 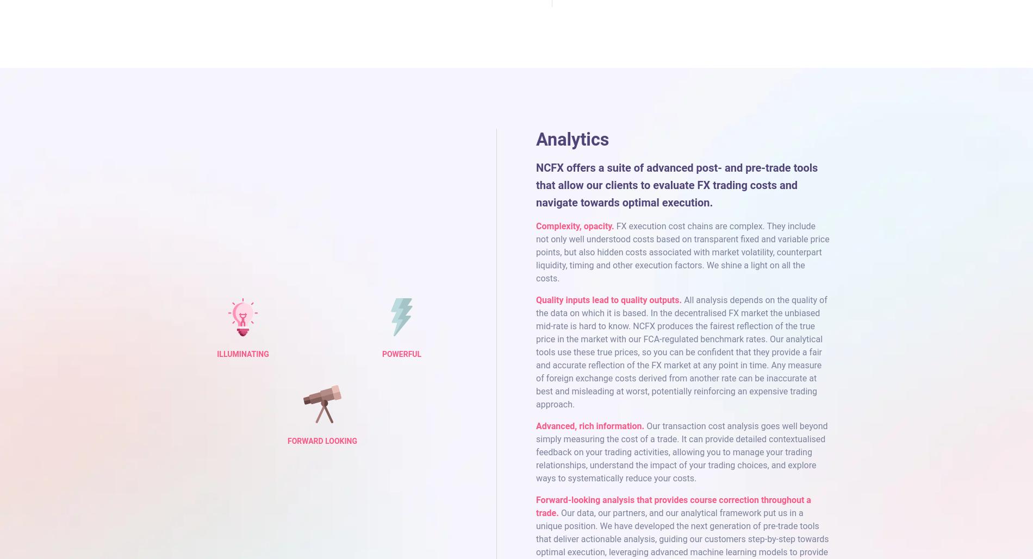 I want to click on 'Analytics', so click(x=572, y=139).